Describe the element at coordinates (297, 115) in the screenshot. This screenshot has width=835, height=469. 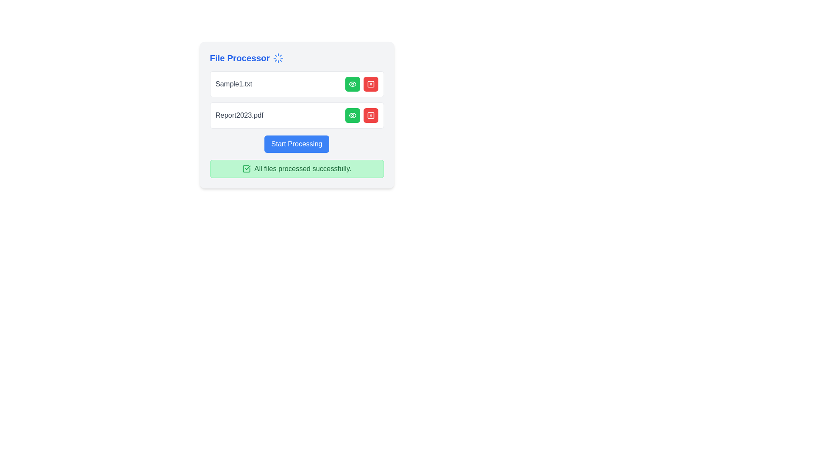
I see `the green eye button associated with the list item containing 'Report2023.pdf'` at that location.